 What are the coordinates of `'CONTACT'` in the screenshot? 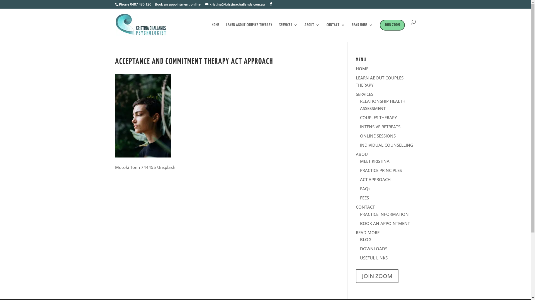 It's located at (335, 30).